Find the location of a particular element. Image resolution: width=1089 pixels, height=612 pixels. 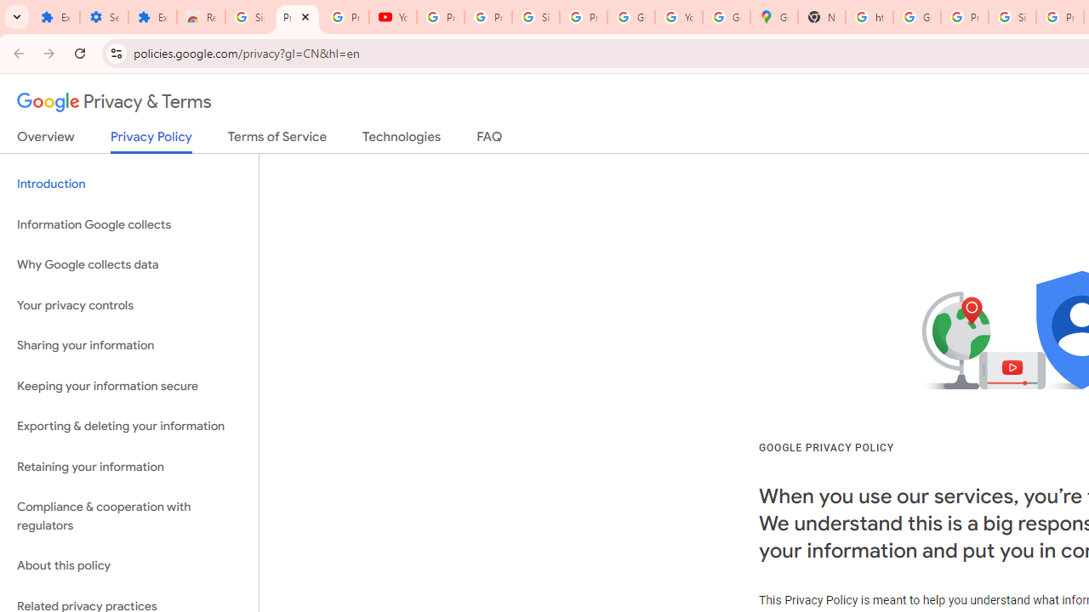

'Google Maps' is located at coordinates (773, 17).